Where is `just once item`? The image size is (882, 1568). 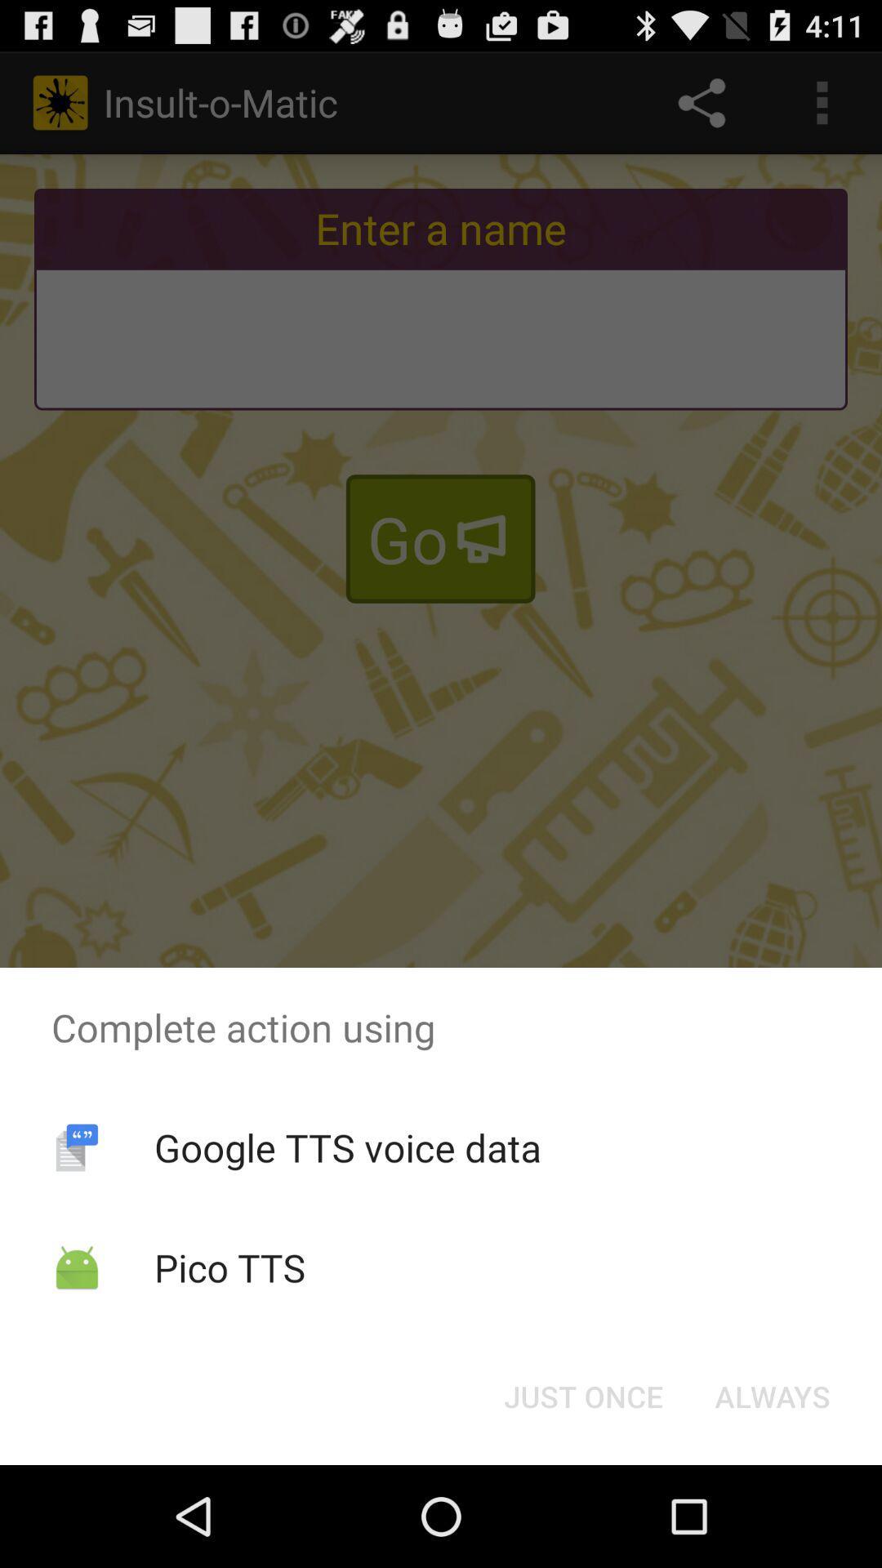 just once item is located at coordinates (582, 1395).